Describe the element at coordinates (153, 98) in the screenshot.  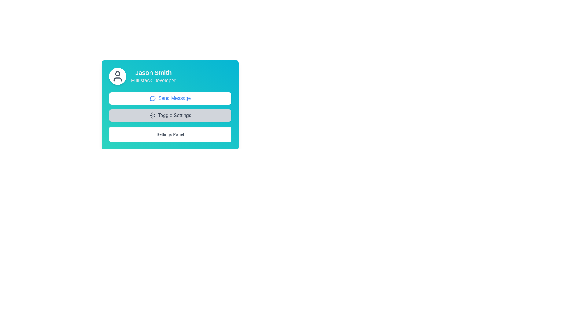
I see `the circular speech bubble icon located to the left of the 'Send Message' button, which suggests message or chat functionality` at that location.